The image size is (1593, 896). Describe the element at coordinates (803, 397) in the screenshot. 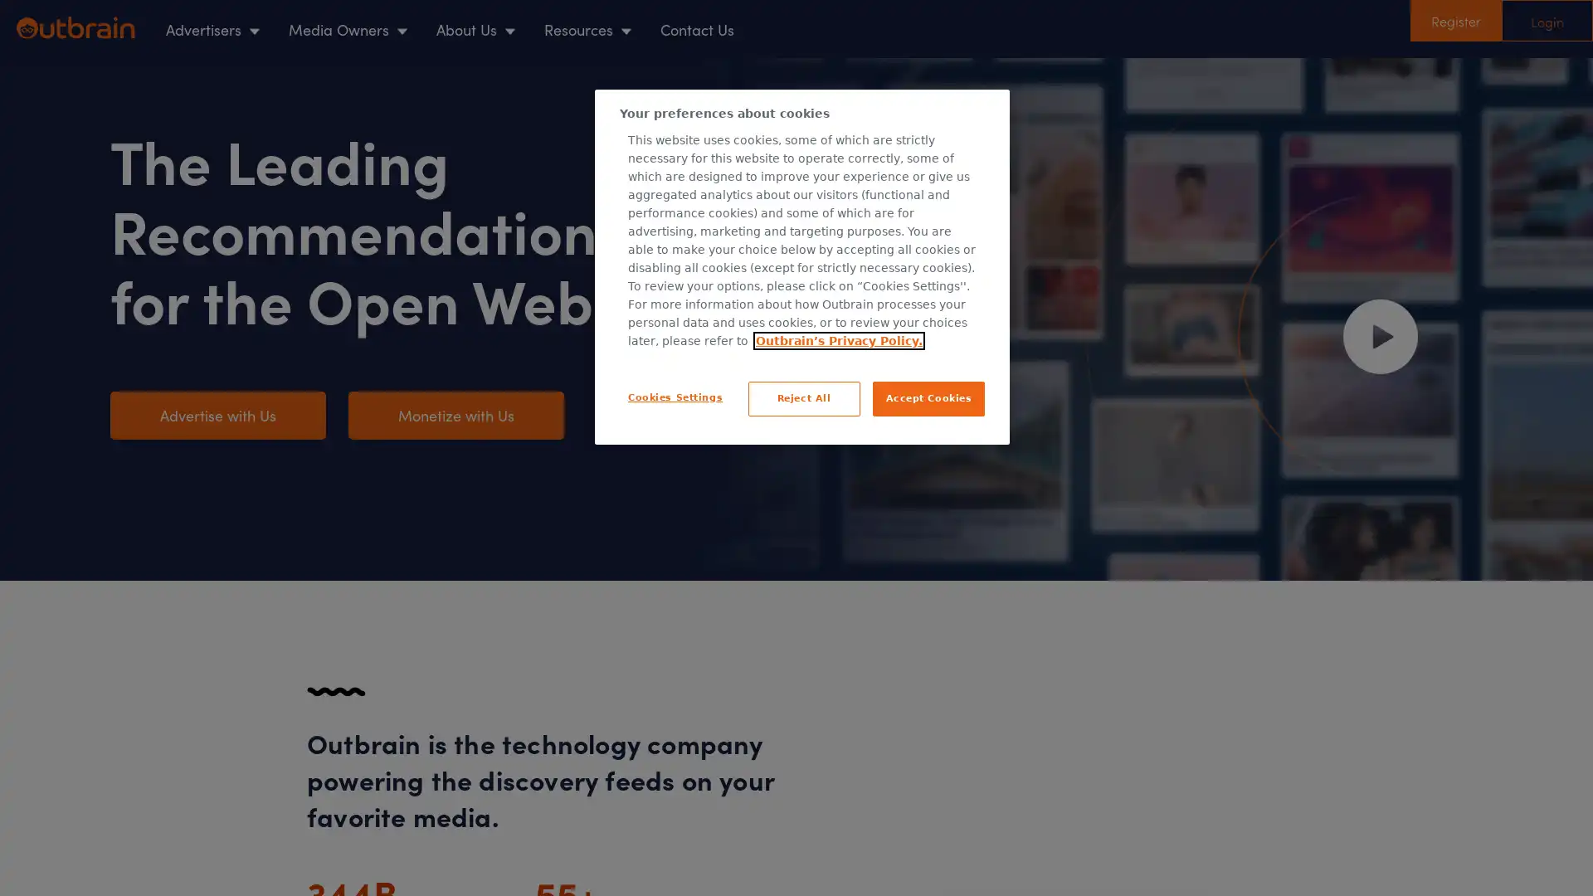

I see `Reject All` at that location.